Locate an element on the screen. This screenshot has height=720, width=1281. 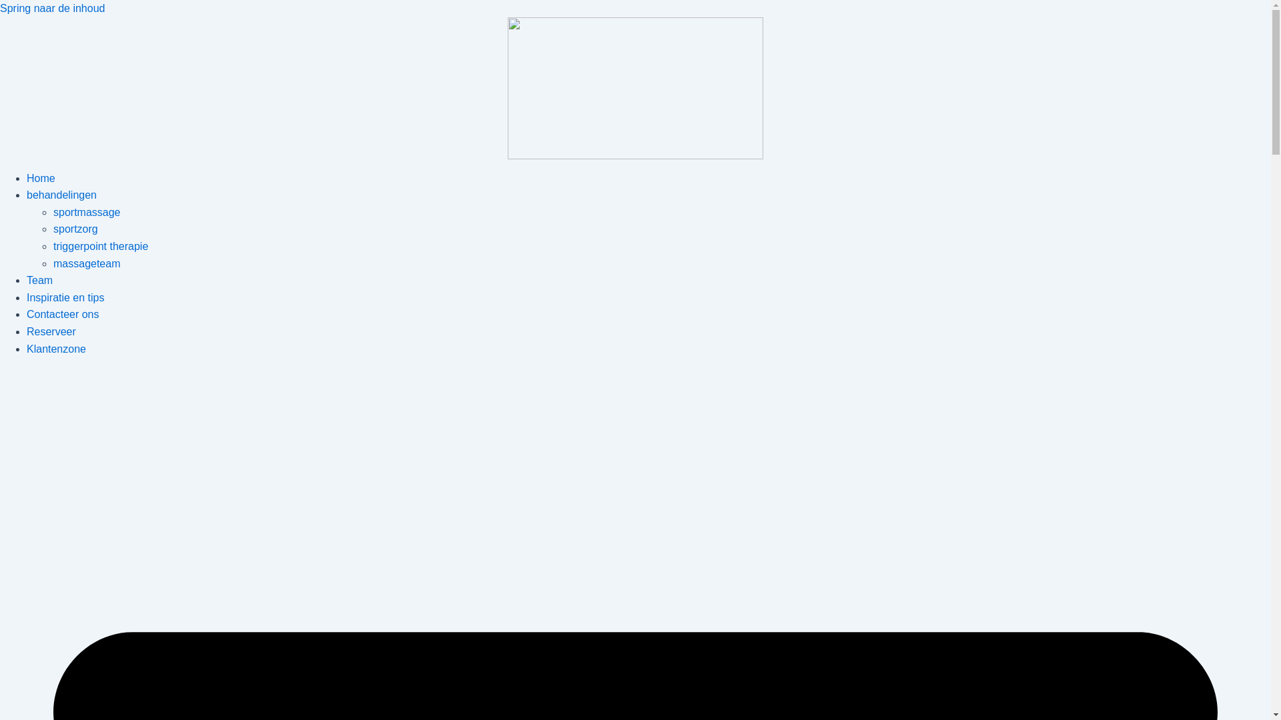
'behandelingen' is located at coordinates (61, 195).